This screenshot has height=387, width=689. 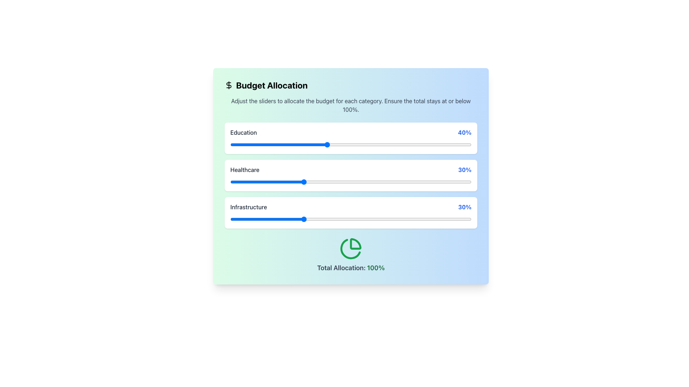 What do you see at coordinates (308, 145) in the screenshot?
I see `the budget allocation for Education` at bounding box center [308, 145].